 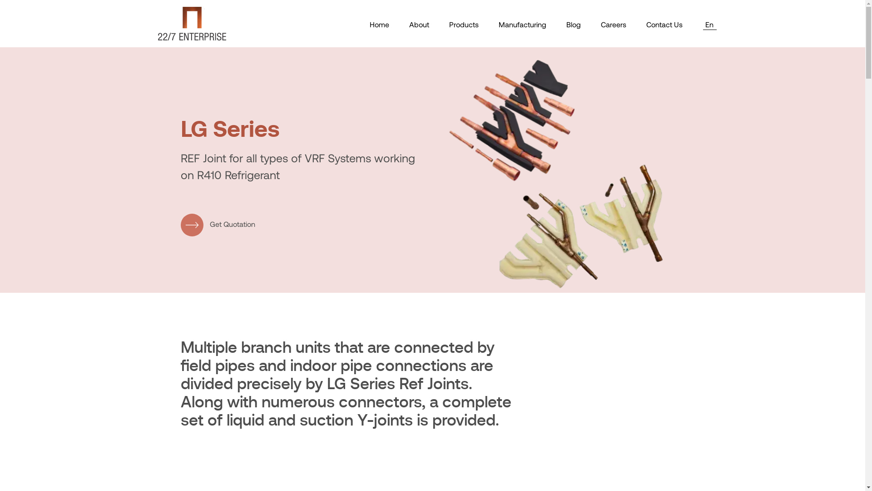 What do you see at coordinates (418, 24) in the screenshot?
I see `'About'` at bounding box center [418, 24].